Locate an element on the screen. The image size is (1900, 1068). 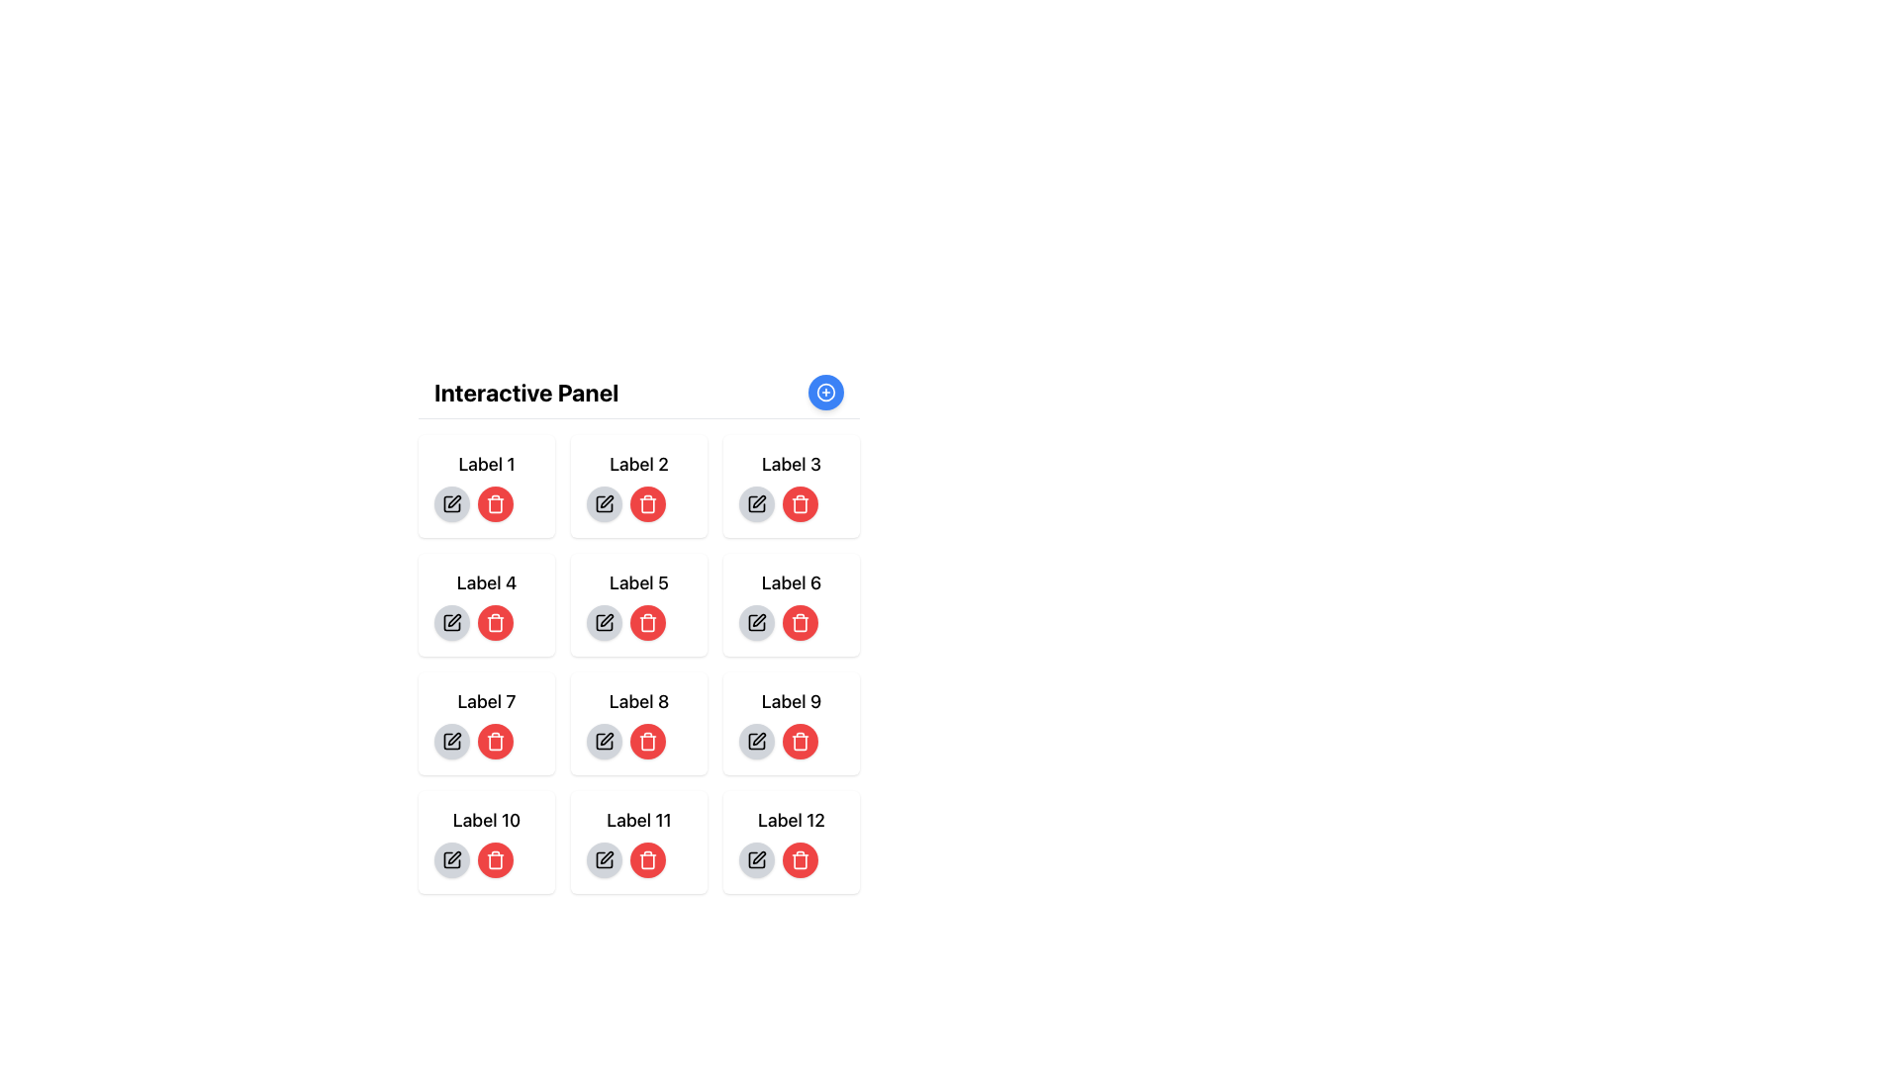
the delete button associated with 'Label 7' is located at coordinates (486, 741).